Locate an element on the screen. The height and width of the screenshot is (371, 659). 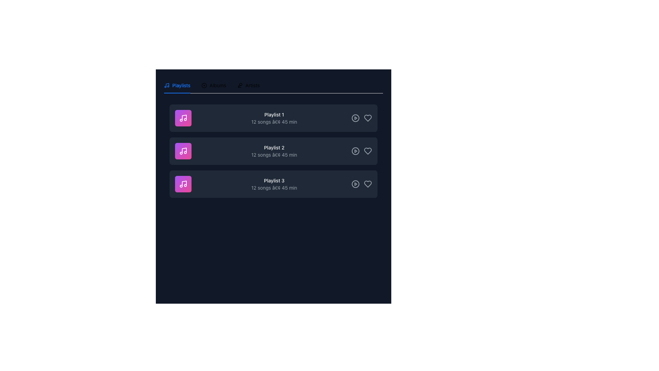
the 'Playlists' tab, which is styled as the active tab with a bold font and blue text color is located at coordinates (177, 85).